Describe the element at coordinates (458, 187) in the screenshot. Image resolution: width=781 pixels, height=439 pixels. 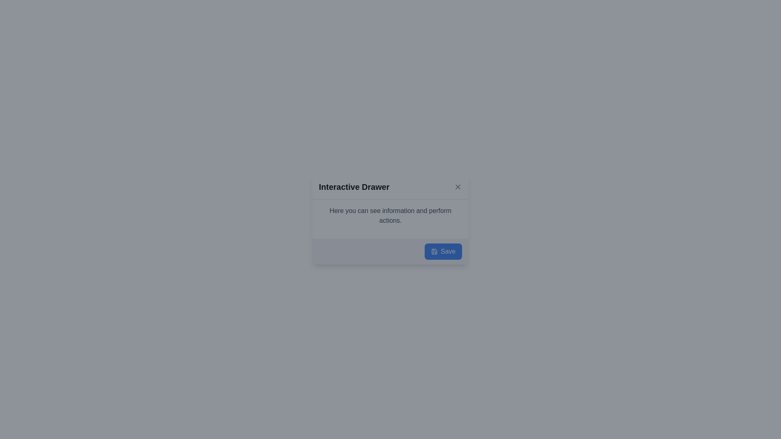
I see `the close button of the 'Interactive Drawer'` at that location.